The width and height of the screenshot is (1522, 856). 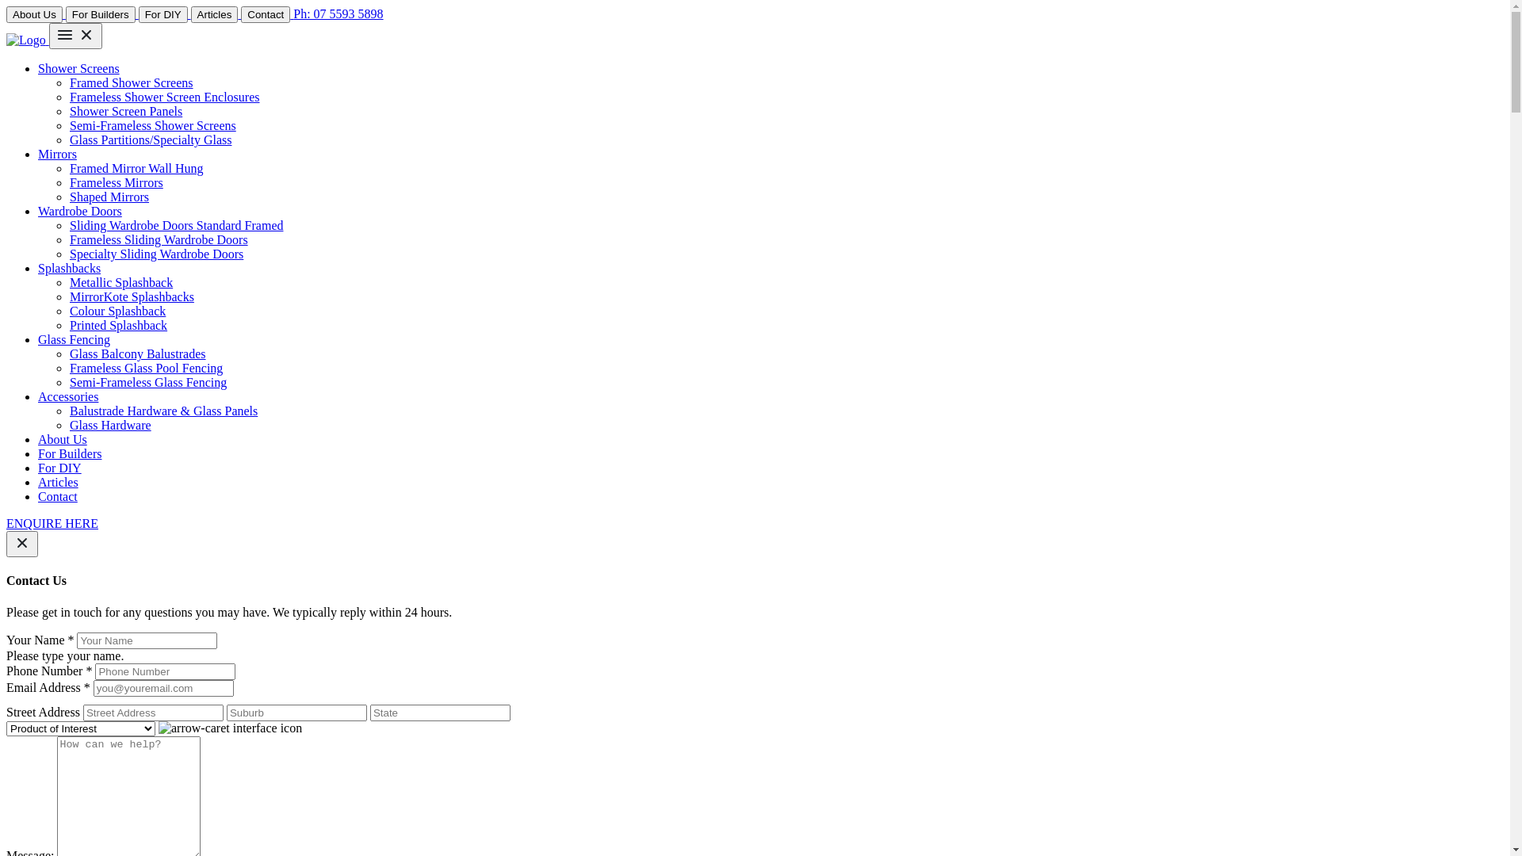 What do you see at coordinates (68, 368) in the screenshot?
I see `'Frameless Glass Pool Fencing'` at bounding box center [68, 368].